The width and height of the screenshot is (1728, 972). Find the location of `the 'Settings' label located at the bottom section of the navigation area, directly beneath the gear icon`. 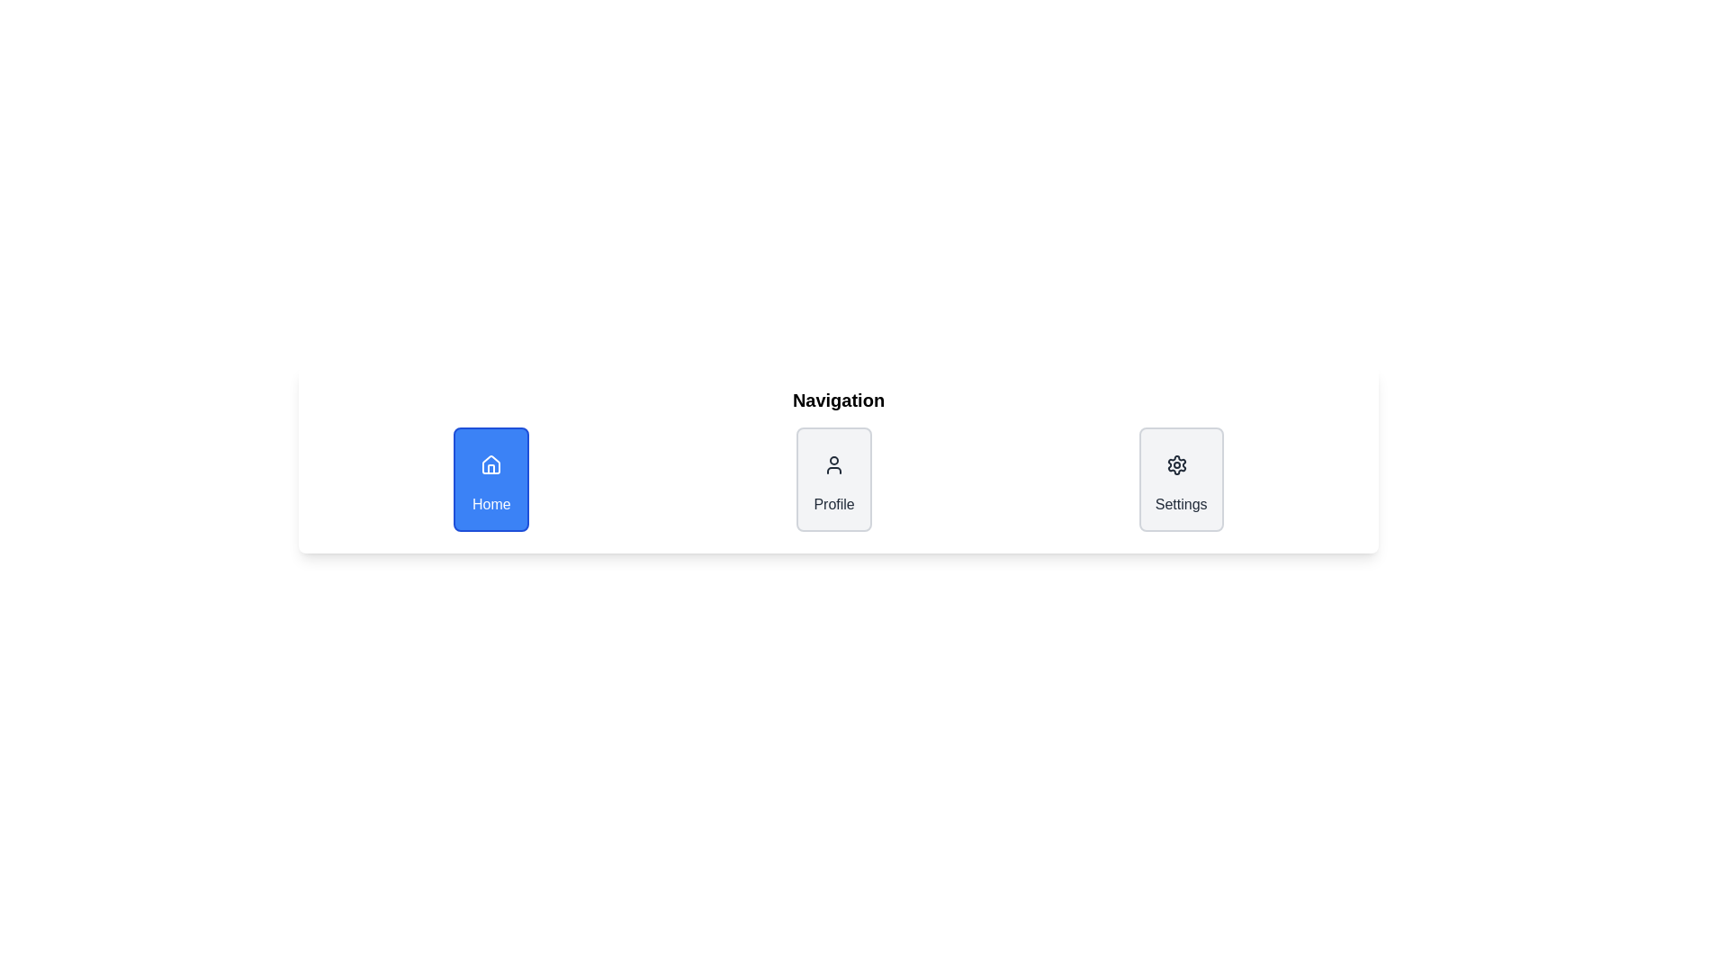

the 'Settings' label located at the bottom section of the navigation area, directly beneath the gear icon is located at coordinates (1181, 504).